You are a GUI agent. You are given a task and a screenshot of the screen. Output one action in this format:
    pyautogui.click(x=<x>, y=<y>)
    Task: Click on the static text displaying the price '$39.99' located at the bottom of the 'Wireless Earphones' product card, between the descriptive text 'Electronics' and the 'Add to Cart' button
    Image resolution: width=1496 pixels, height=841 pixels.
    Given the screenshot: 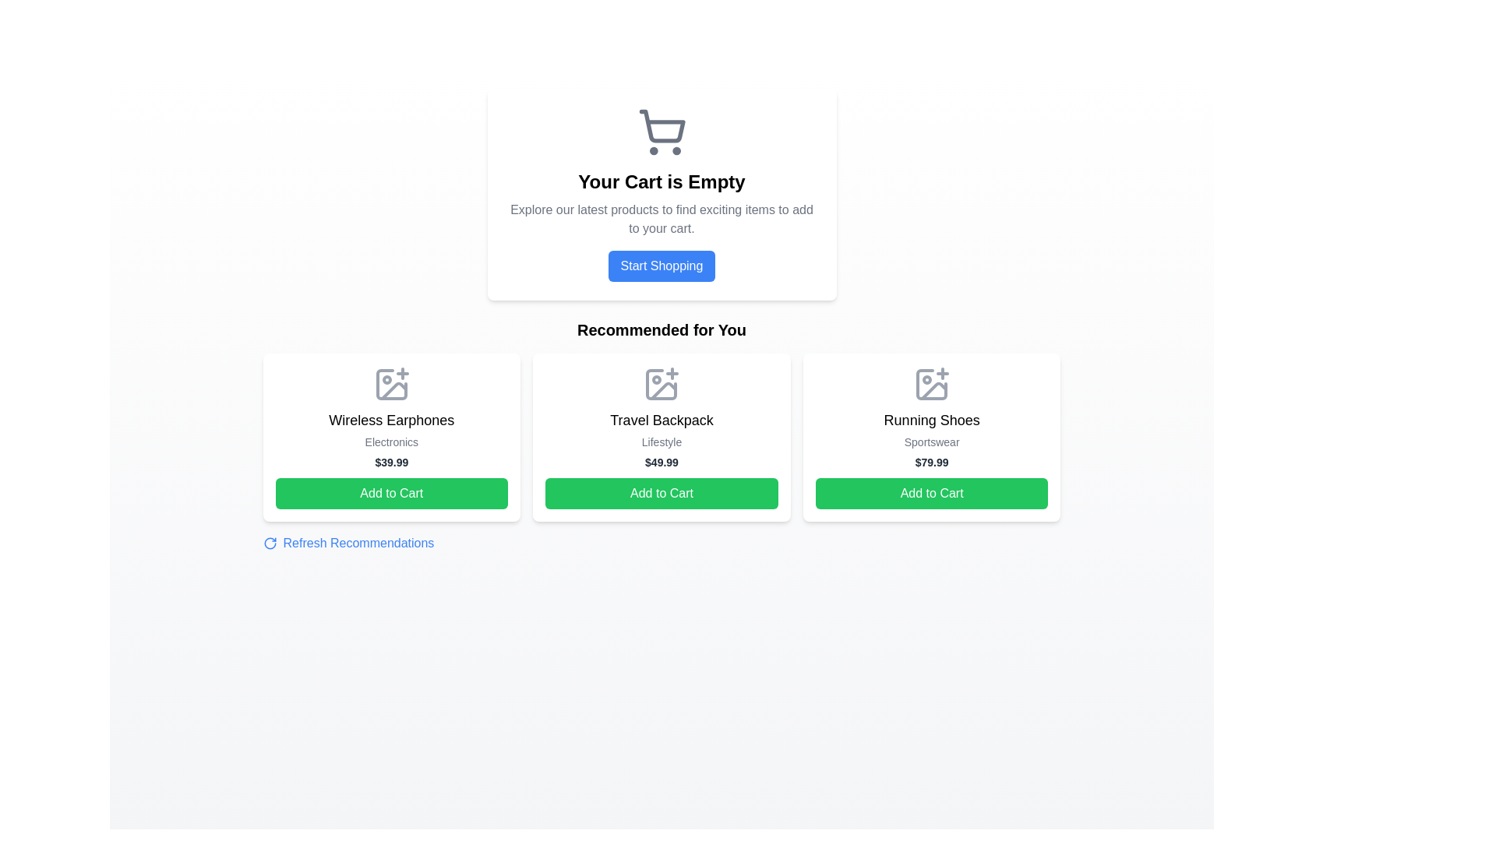 What is the action you would take?
    pyautogui.click(x=391, y=462)
    